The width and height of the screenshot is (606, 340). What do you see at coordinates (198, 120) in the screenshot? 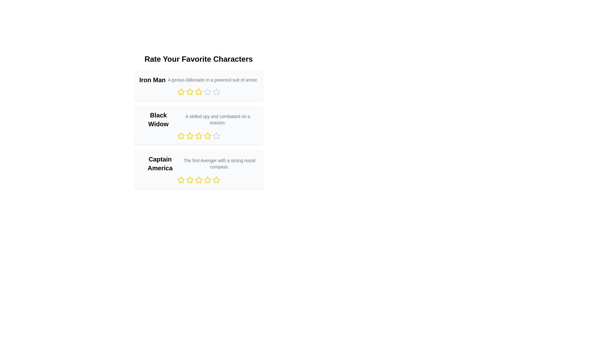
I see `the textual component featuring the title 'Black Widow' and the description 'A skilled spy and combatant on a mission.', which is centrally located in the second white card among three vertical cards` at bounding box center [198, 120].